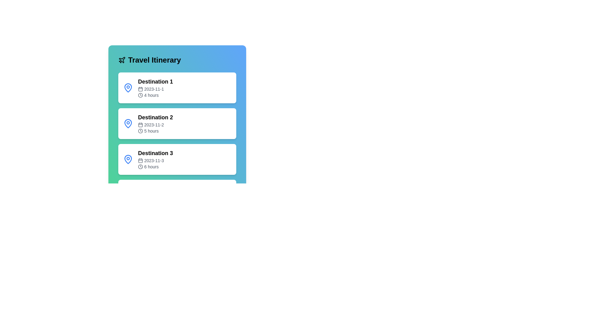 The height and width of the screenshot is (333, 593). I want to click on the Text Label indicating the title or name of a destination in the travel itinerary, so click(155, 81).